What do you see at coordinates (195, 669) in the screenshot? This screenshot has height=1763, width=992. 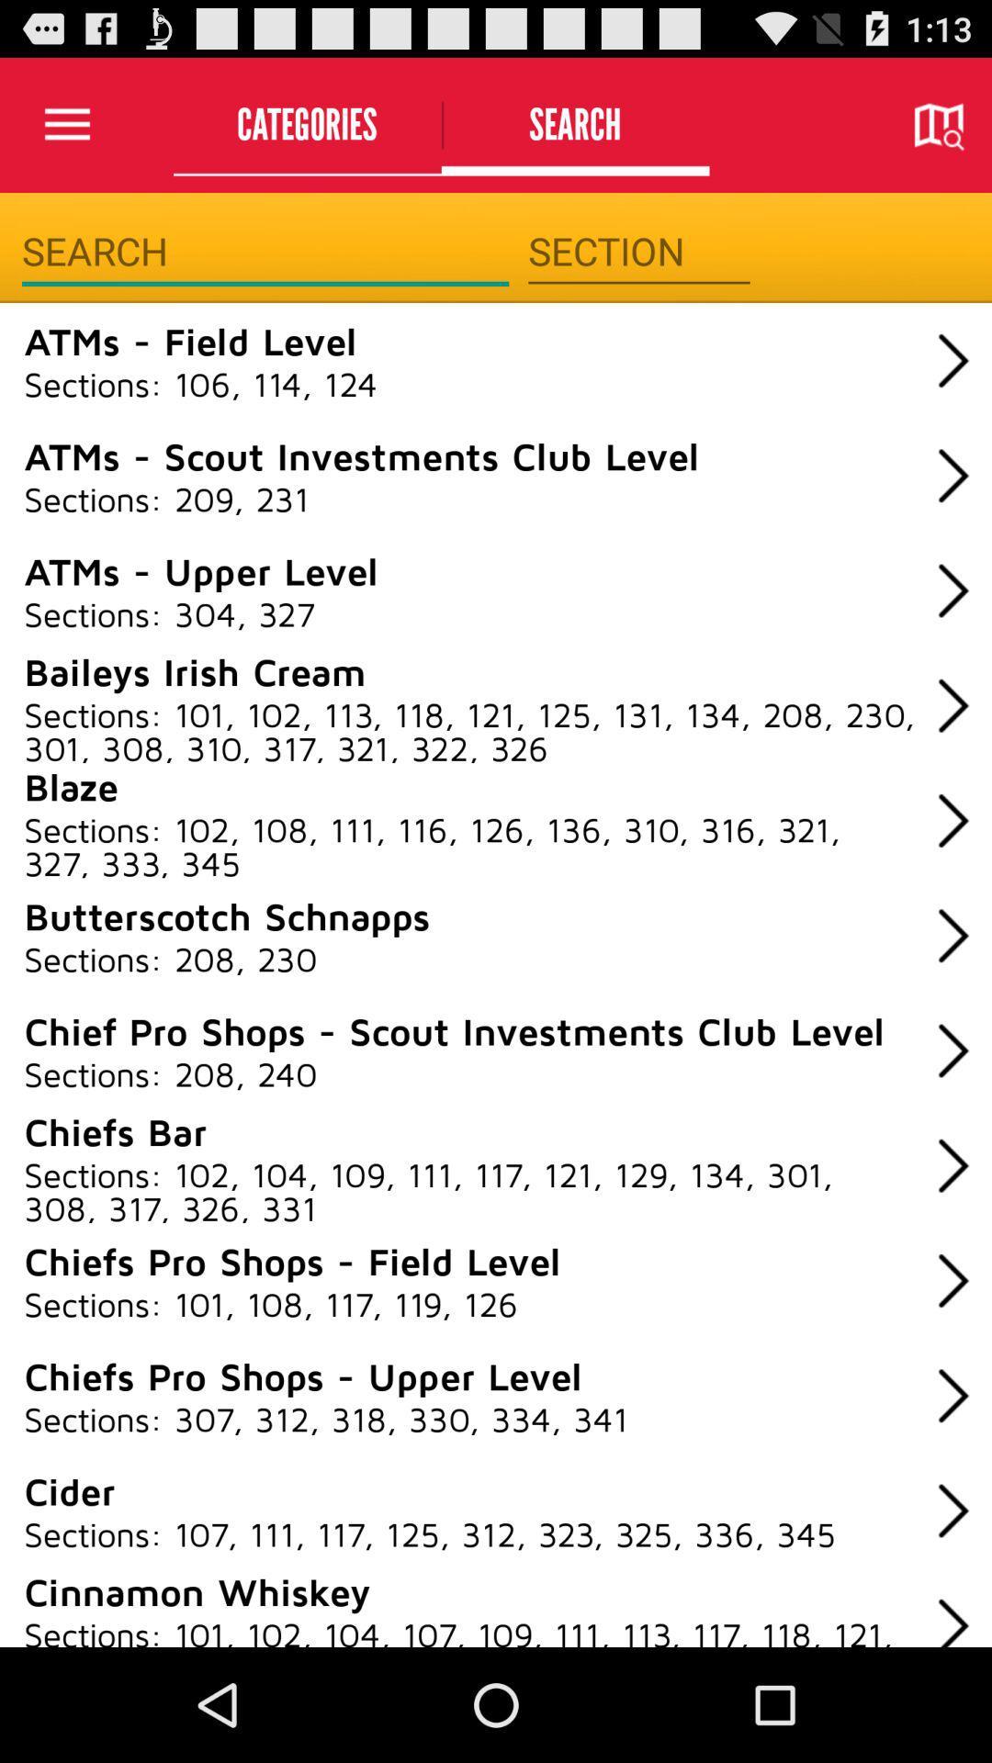 I see `the baileys irish cream icon` at bounding box center [195, 669].